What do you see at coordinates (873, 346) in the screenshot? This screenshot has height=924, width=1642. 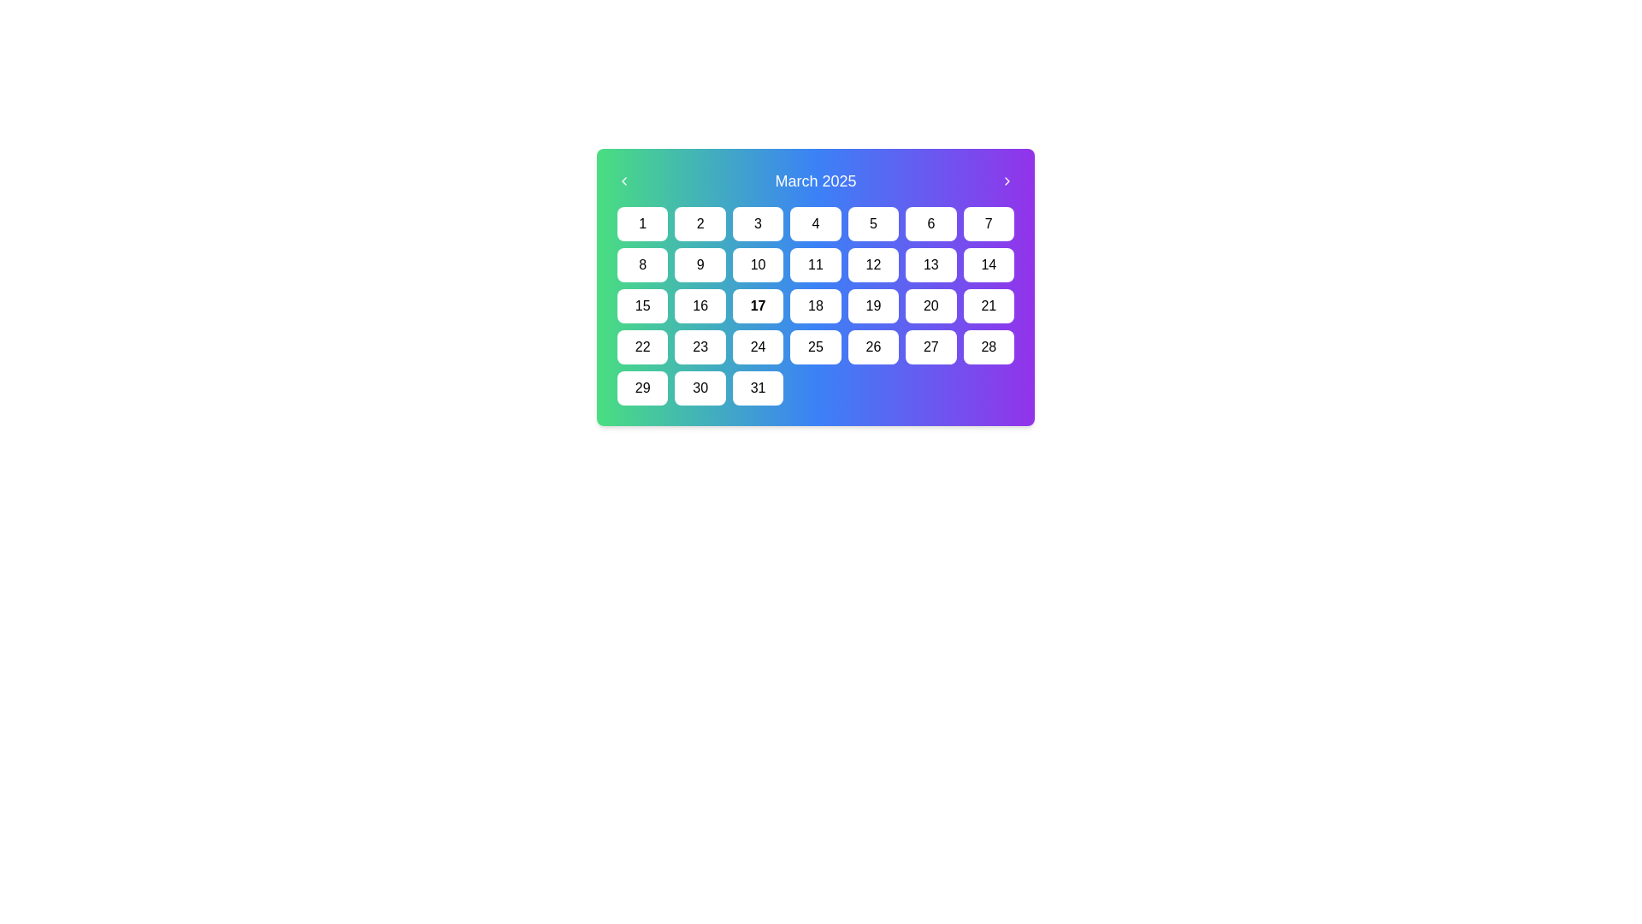 I see `the button representing the date '26' in the March 2025 calendar, located in the fifth column of the fourth row` at bounding box center [873, 346].